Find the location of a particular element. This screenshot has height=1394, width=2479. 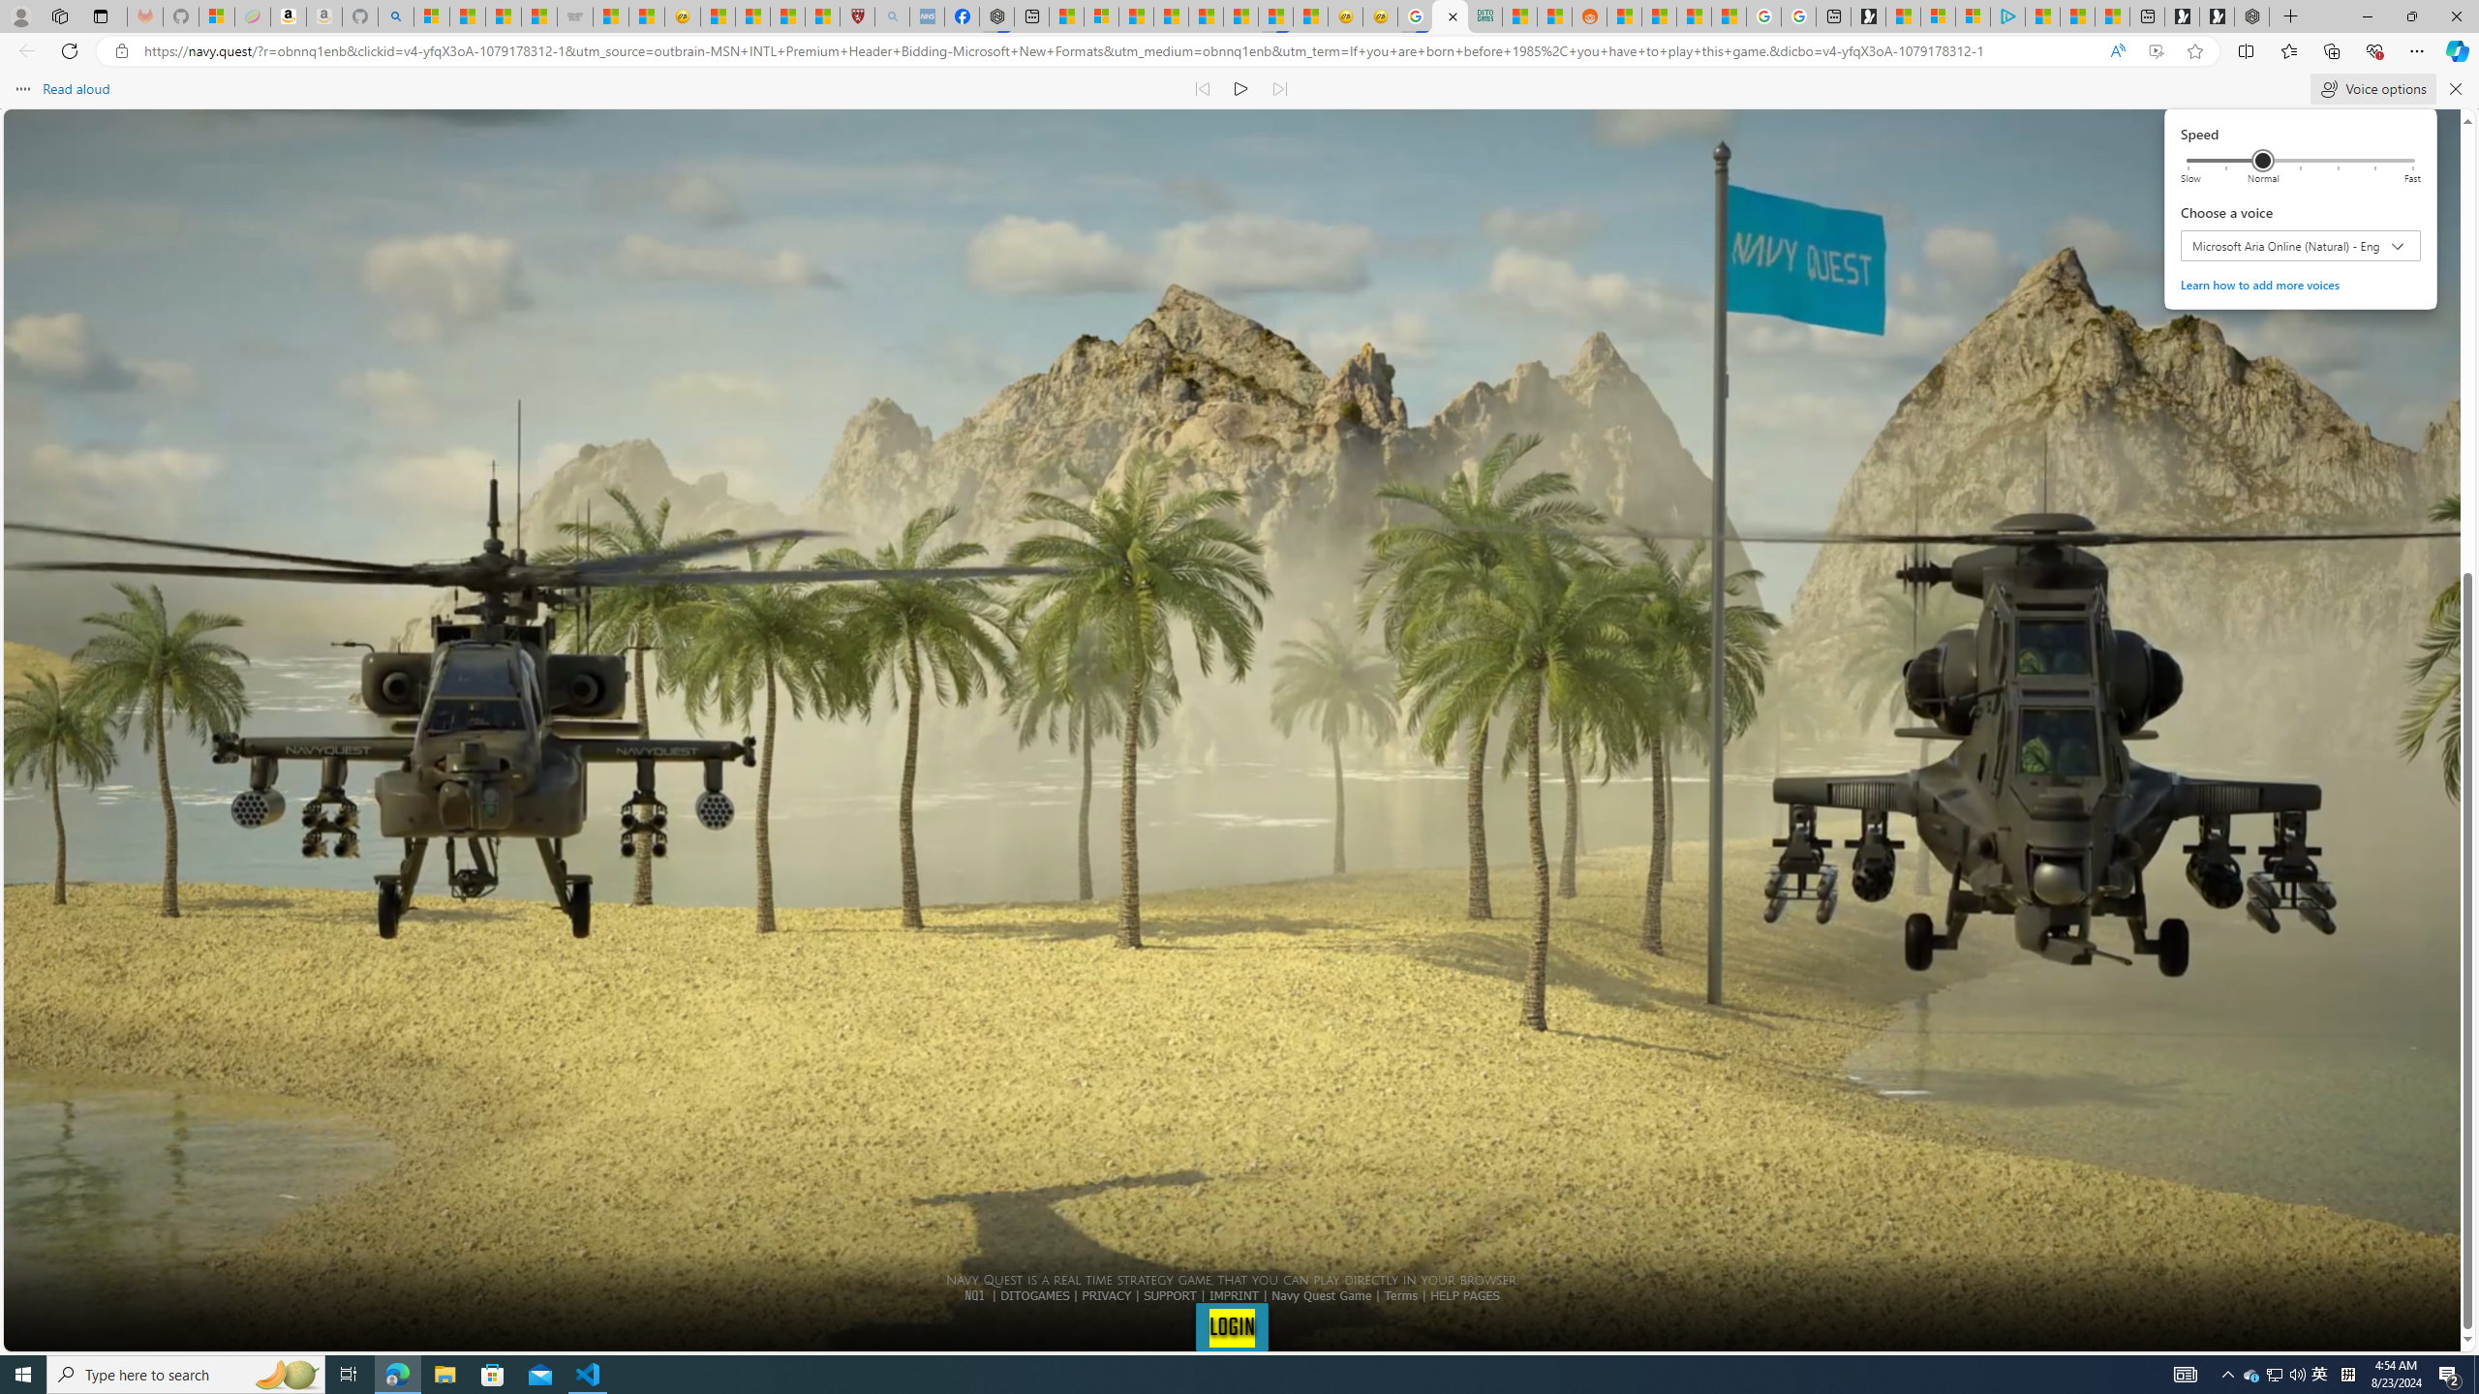

'IMPRINT' is located at coordinates (1233, 1293).